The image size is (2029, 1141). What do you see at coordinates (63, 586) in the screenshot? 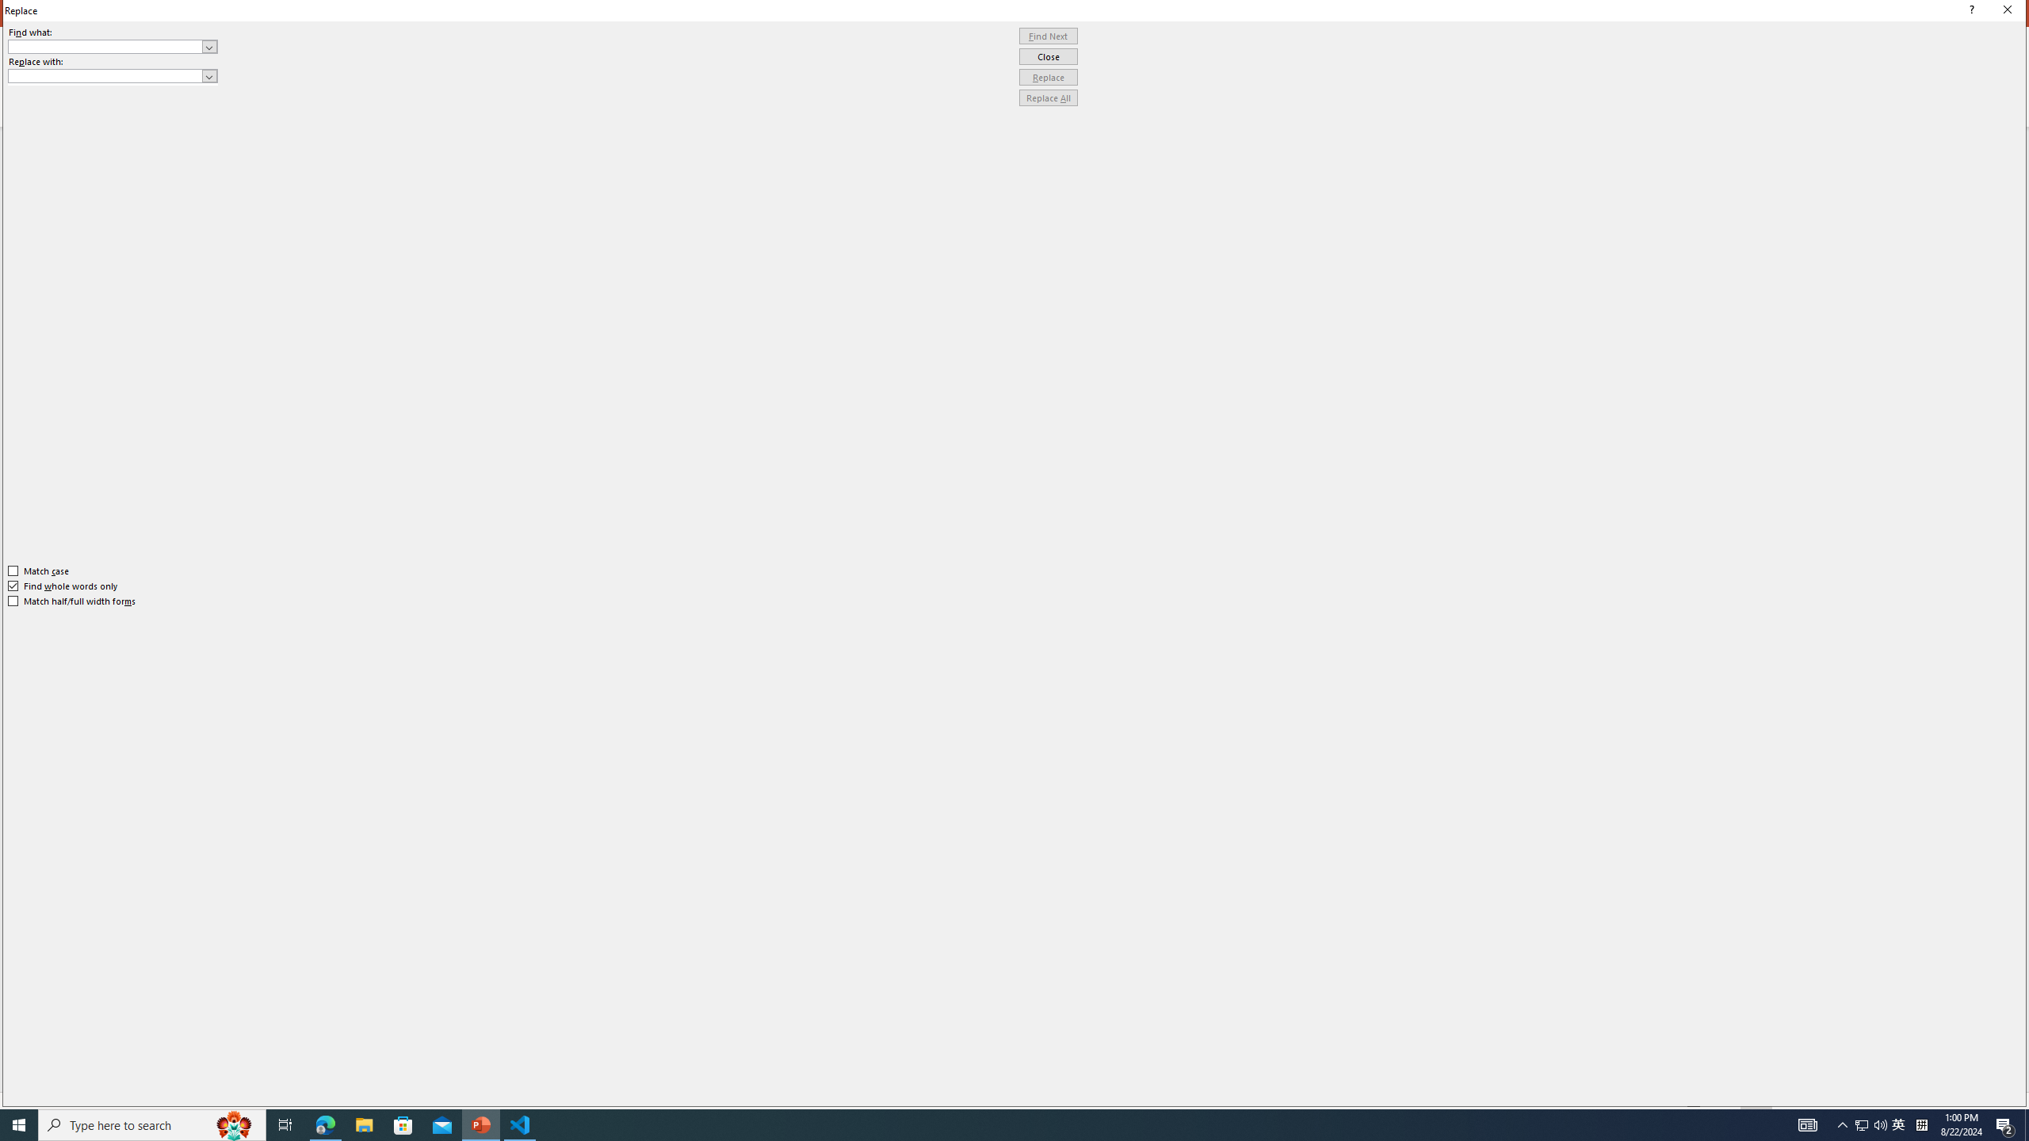
I see `'Find whole words only'` at bounding box center [63, 586].